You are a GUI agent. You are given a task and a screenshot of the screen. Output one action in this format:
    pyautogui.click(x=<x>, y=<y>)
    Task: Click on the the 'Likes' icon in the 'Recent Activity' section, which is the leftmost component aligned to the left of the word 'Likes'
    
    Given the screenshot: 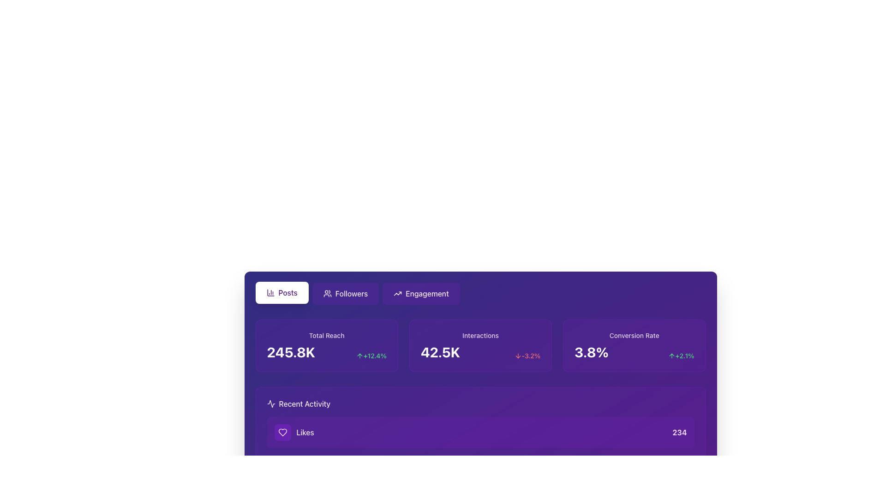 What is the action you would take?
    pyautogui.click(x=282, y=432)
    